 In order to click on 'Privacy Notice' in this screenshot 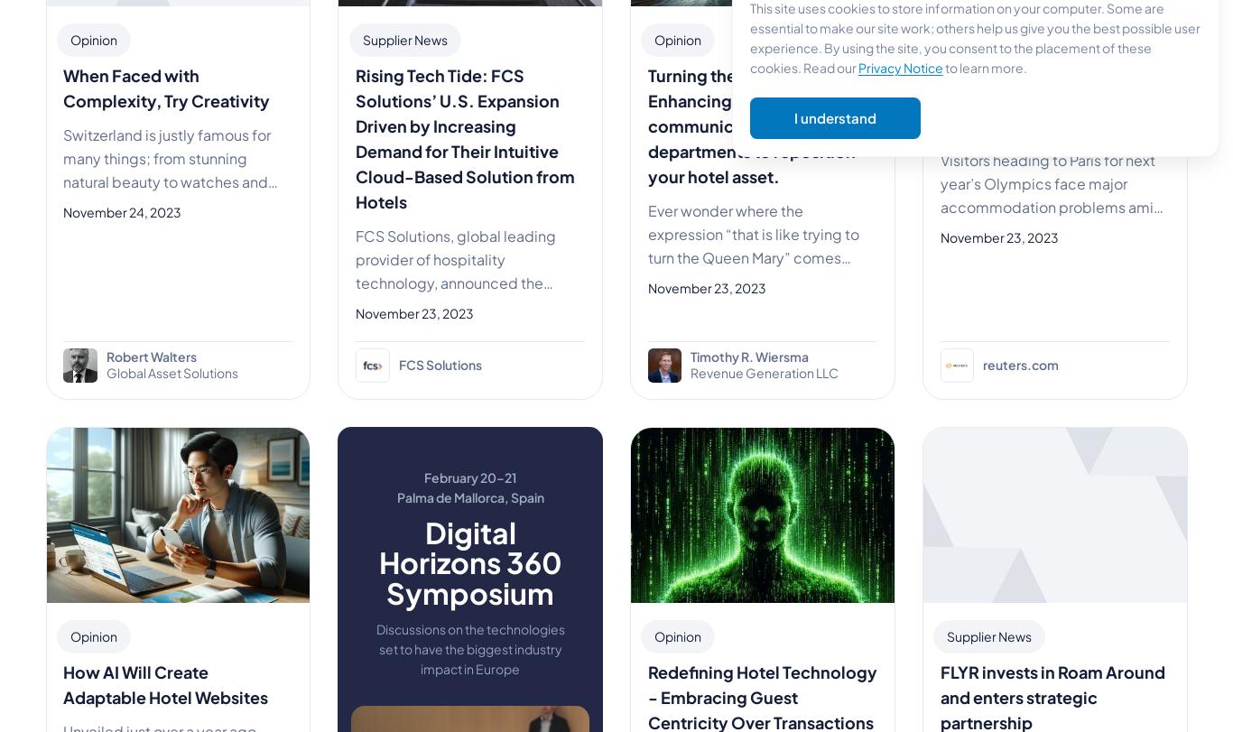, I will do `click(900, 66)`.